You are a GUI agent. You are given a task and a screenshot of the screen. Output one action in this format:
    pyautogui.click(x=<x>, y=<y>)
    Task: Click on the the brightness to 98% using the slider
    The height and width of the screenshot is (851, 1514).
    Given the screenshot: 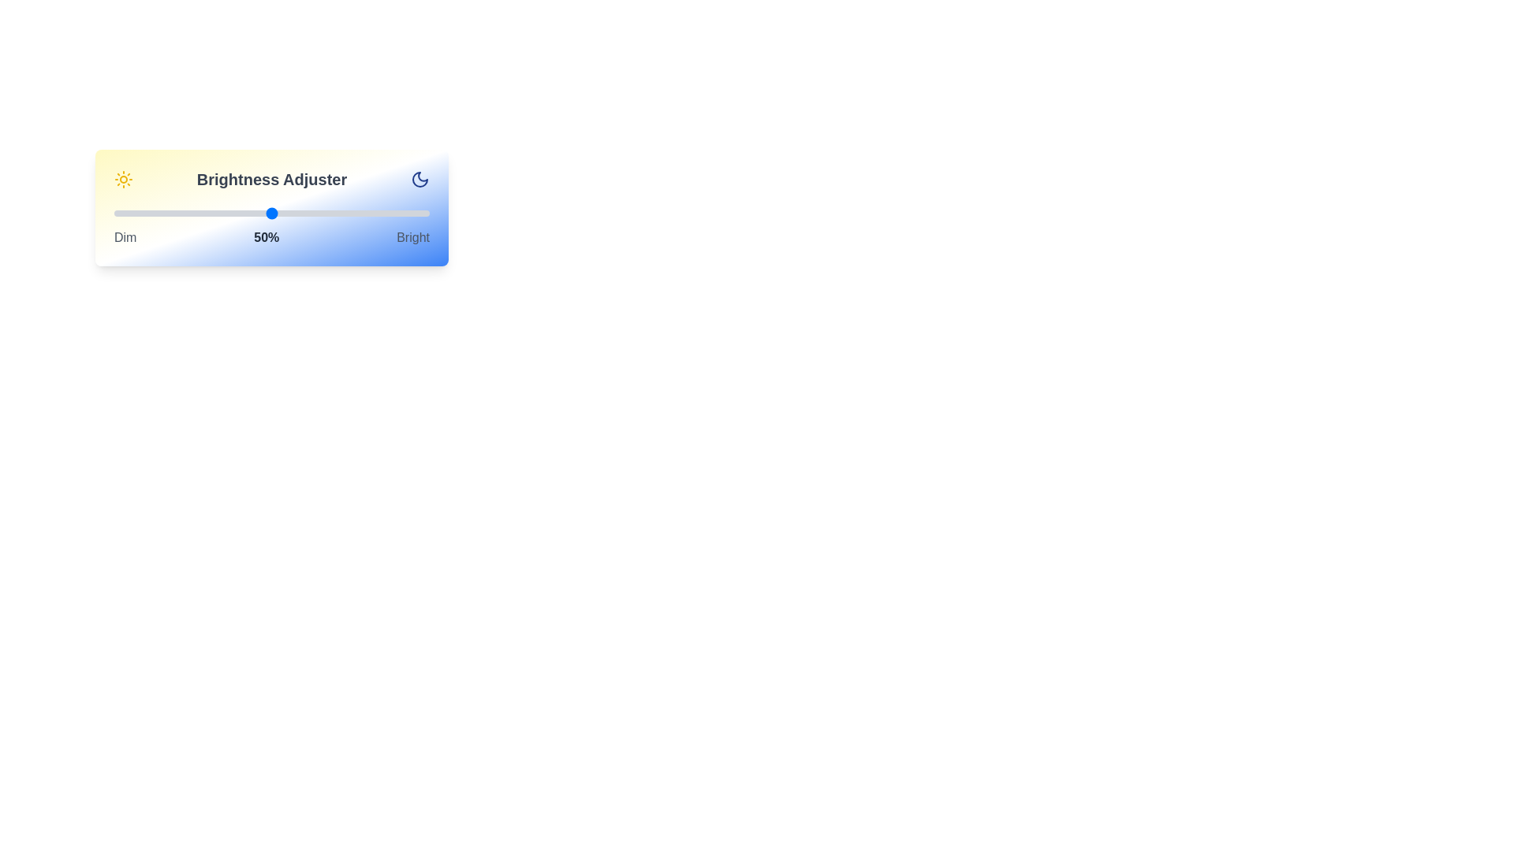 What is the action you would take?
    pyautogui.click(x=423, y=213)
    